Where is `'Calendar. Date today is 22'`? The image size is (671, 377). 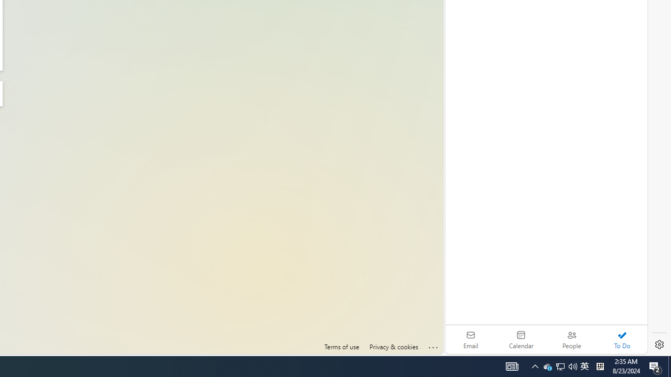 'Calendar. Date today is 22' is located at coordinates (521, 339).